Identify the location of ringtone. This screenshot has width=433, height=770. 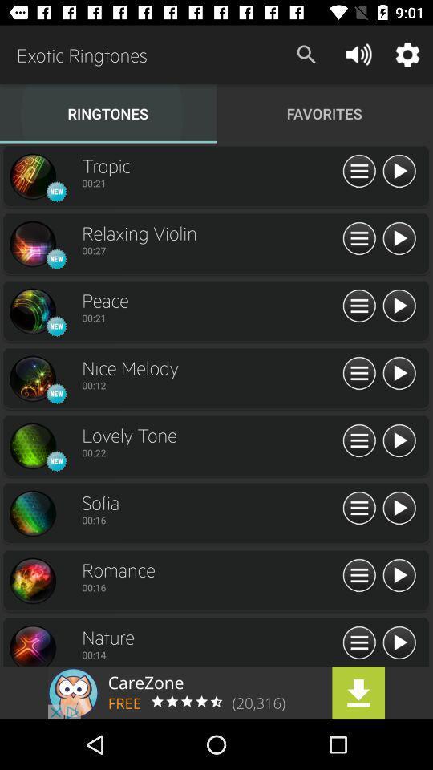
(398, 238).